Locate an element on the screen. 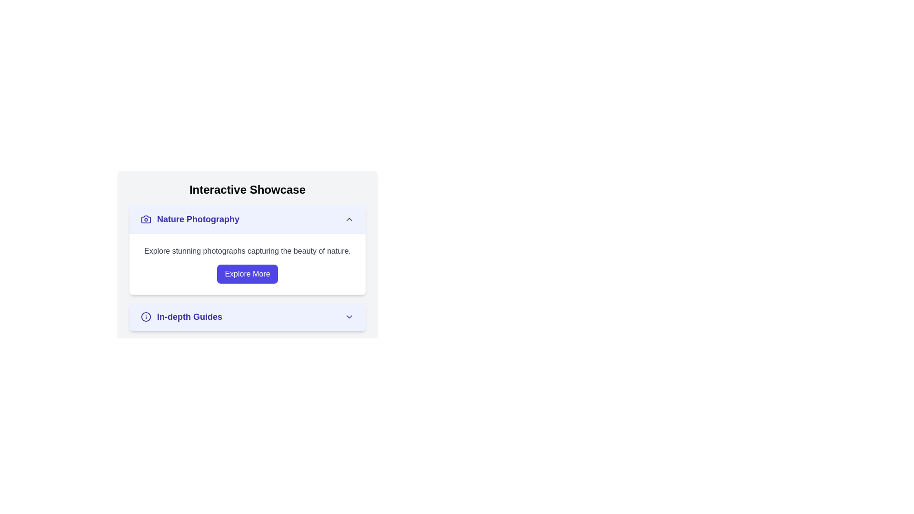  the downward-facing chevron icon located to the right of the text 'In-depth Guides.' is located at coordinates (349, 317).